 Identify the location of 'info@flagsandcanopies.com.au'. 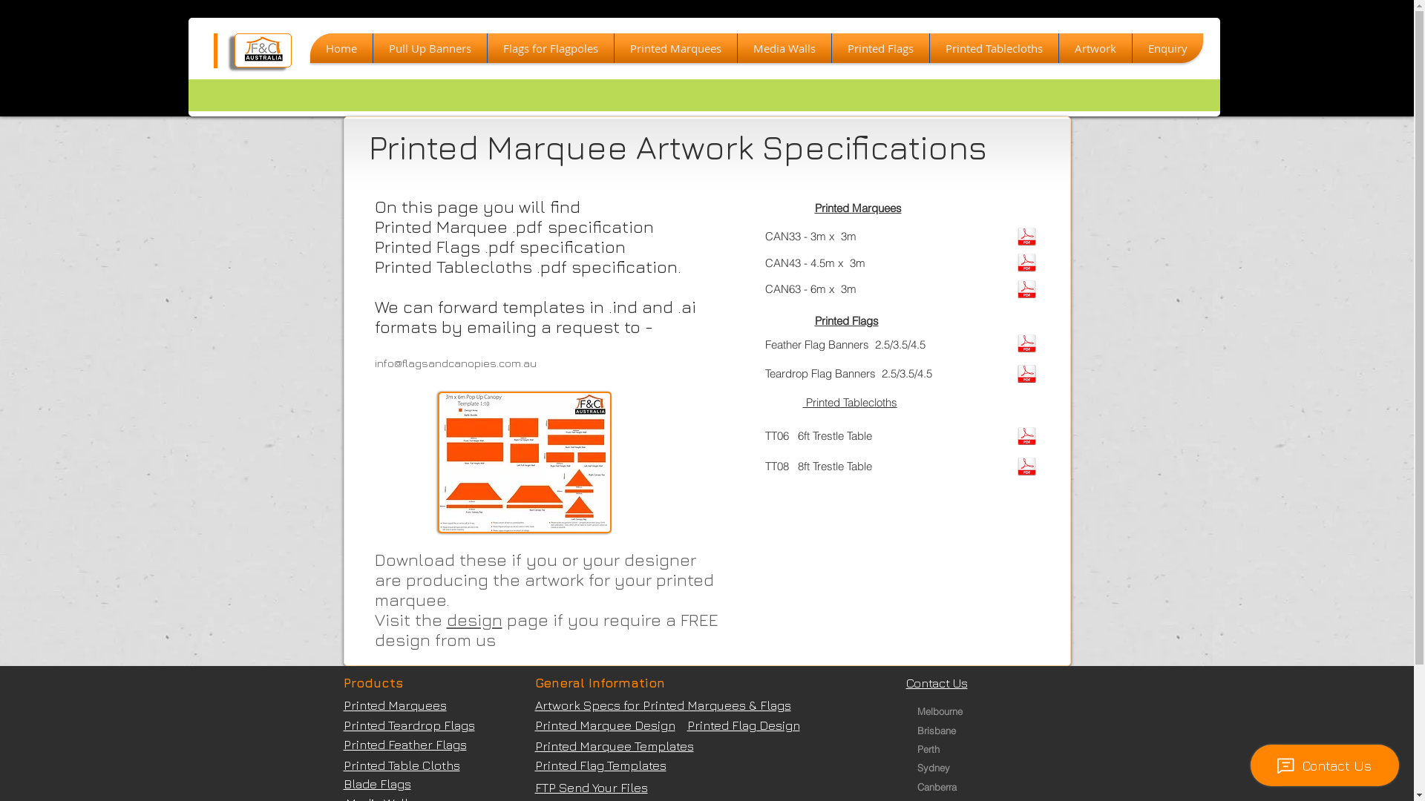
(454, 363).